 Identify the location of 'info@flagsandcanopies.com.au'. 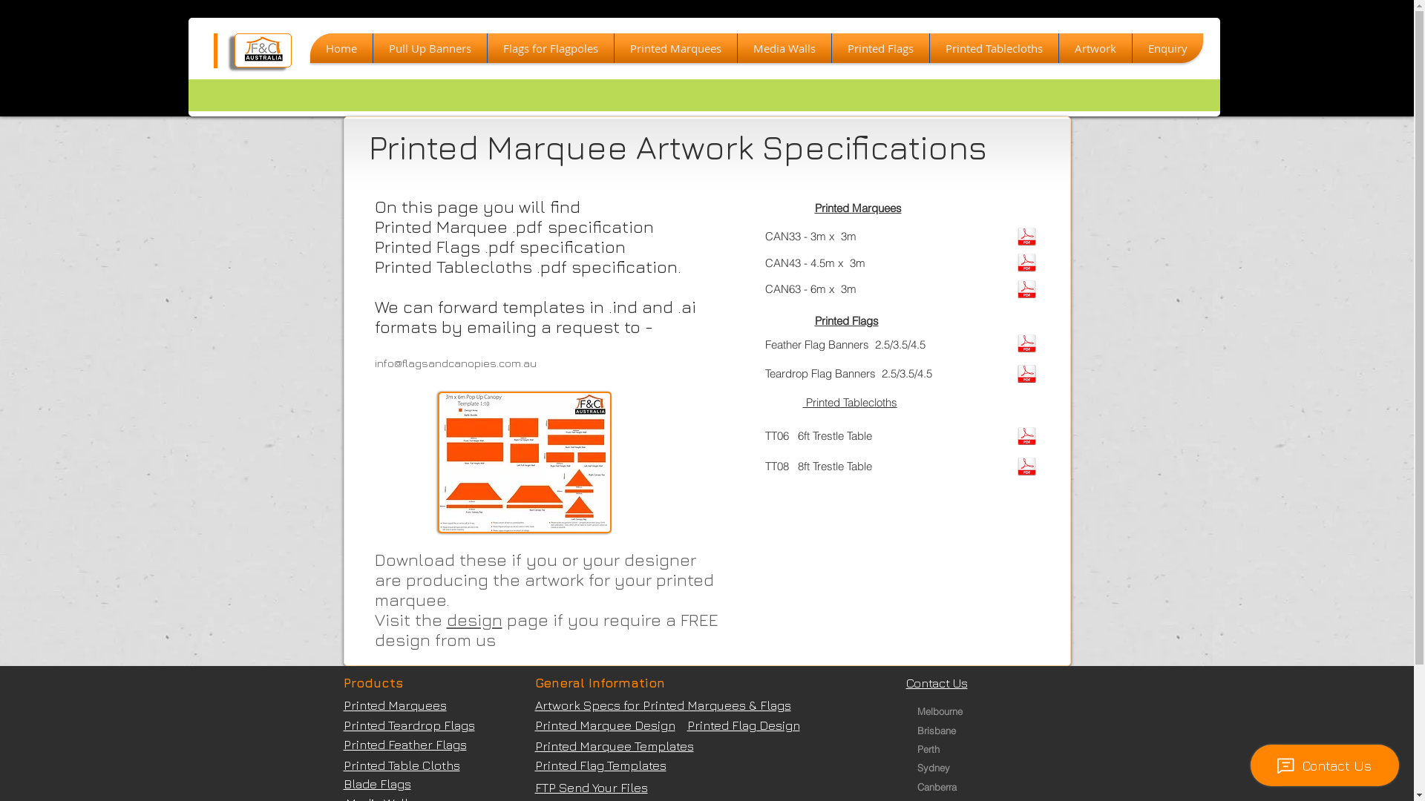
(454, 363).